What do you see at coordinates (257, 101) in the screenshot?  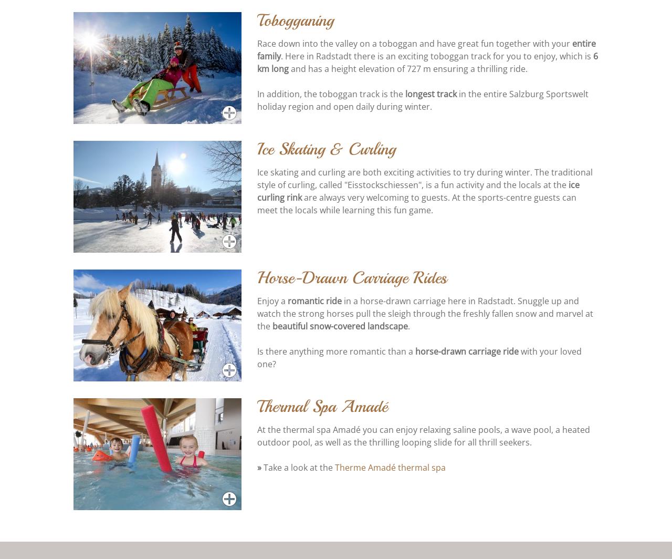 I see `'in the entire Salzburg Sportswelt holiday region and open daily during winter.'` at bounding box center [257, 101].